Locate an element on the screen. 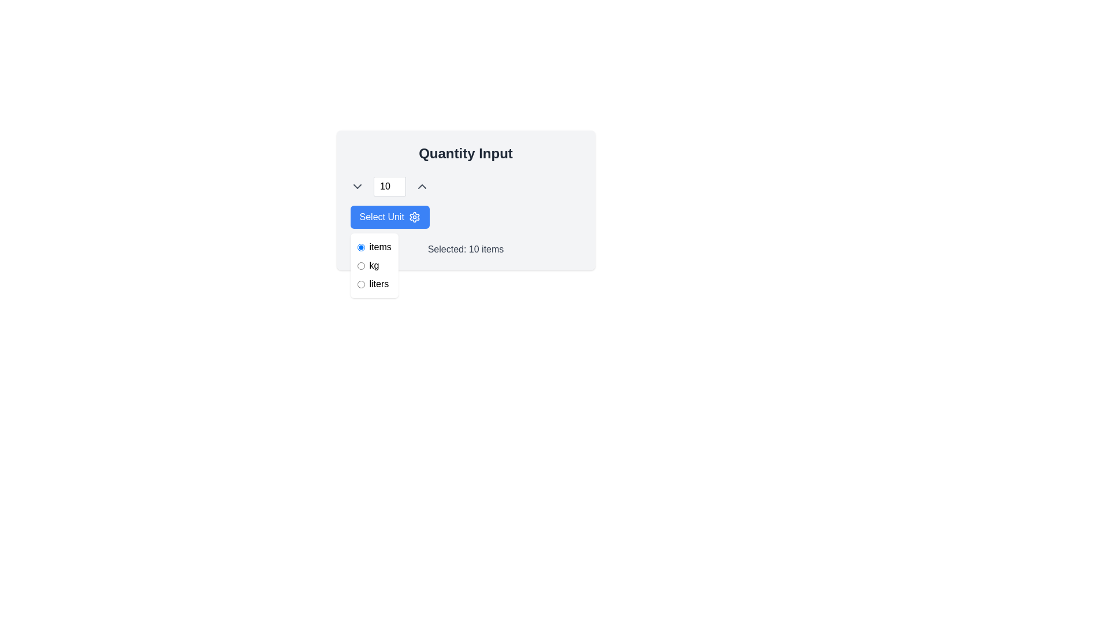 The width and height of the screenshot is (1109, 624). the radio button is located at coordinates (374, 265).